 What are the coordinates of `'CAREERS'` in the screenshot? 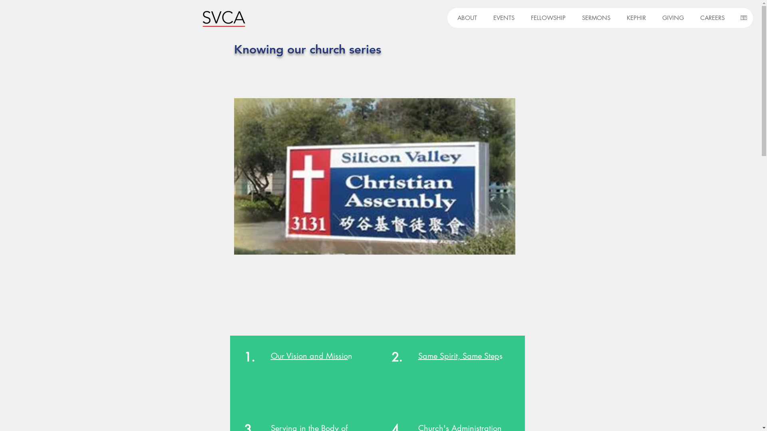 It's located at (710, 18).